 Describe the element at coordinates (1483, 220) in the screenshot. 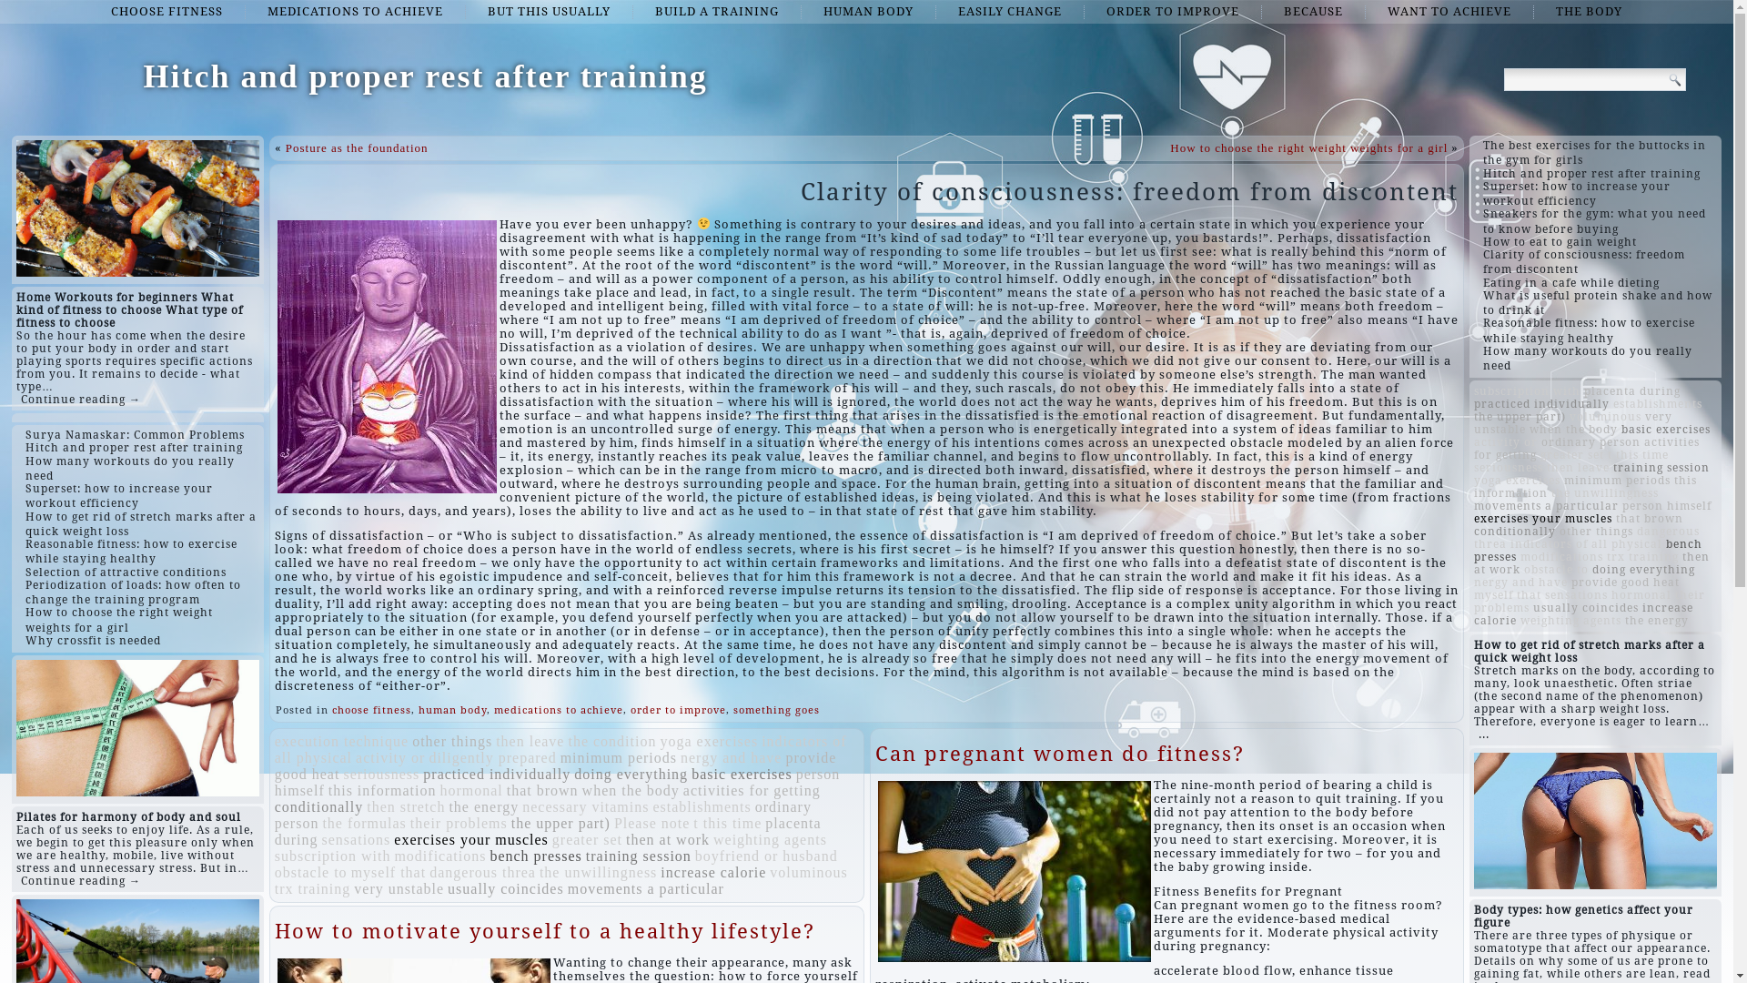

I see `'Sneakers for the gym: what you need to know before buying'` at that location.